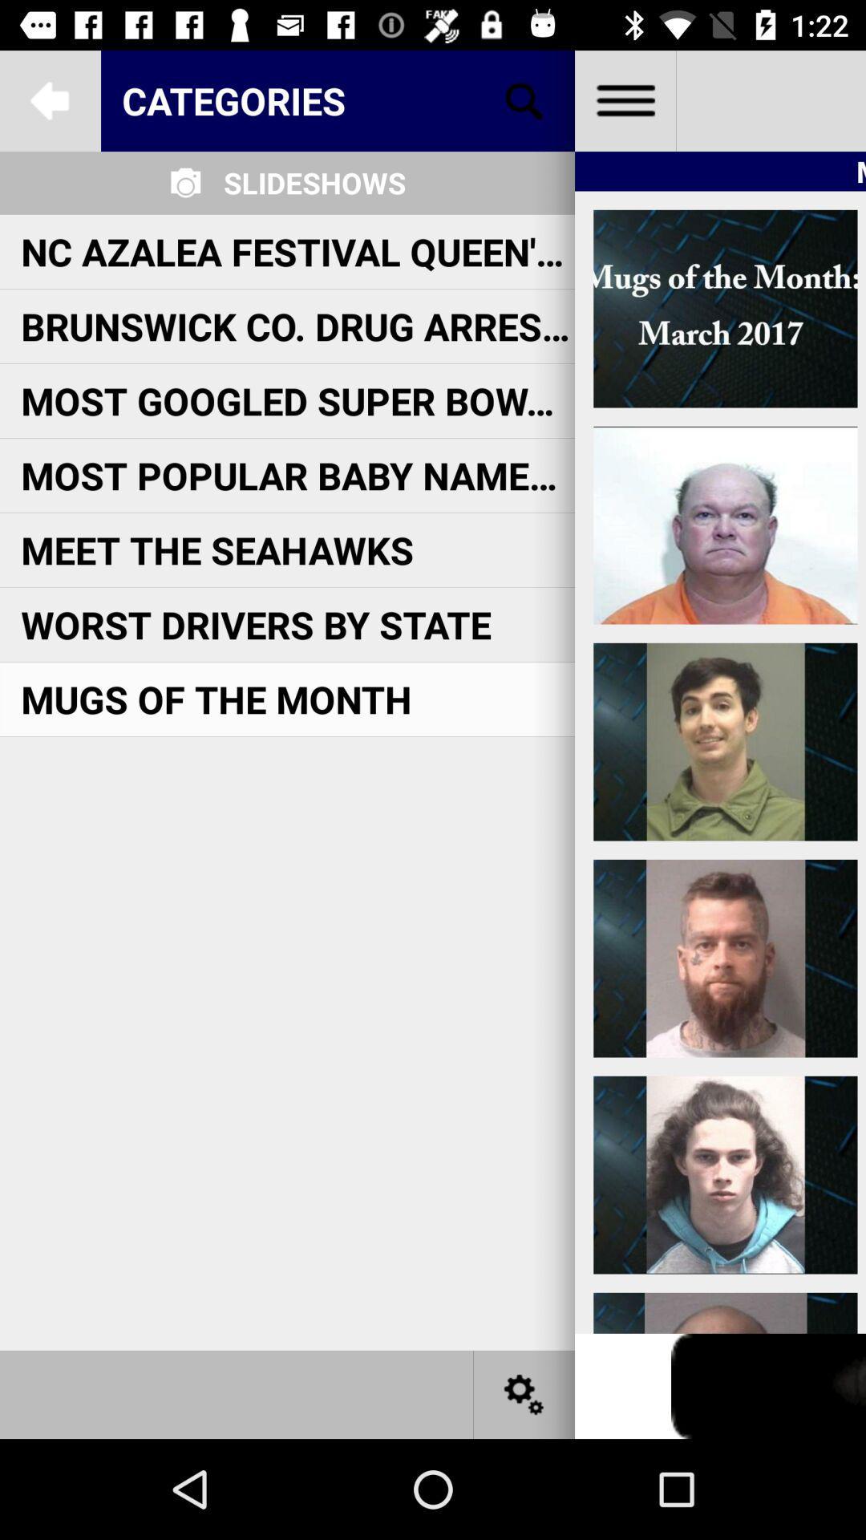  Describe the element at coordinates (49, 99) in the screenshot. I see `the arrow_backward icon` at that location.